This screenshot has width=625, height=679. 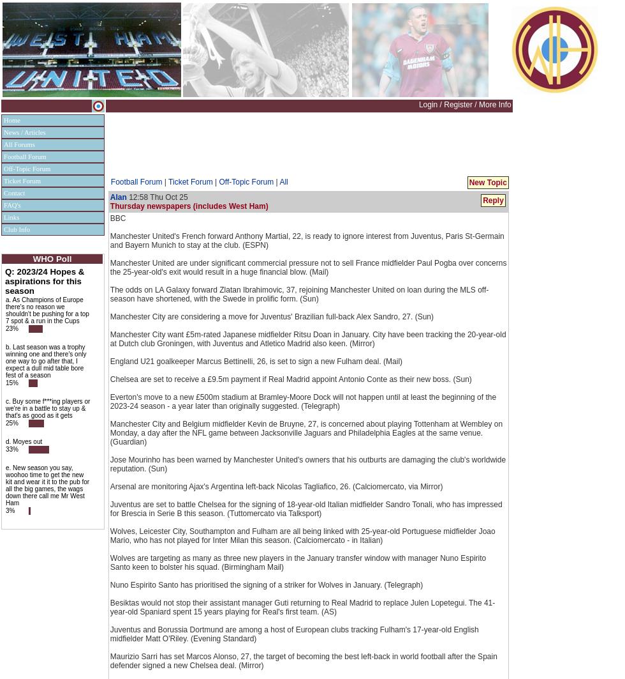 What do you see at coordinates (306, 432) in the screenshot?
I see `'Manchester City and Belgium midfielder Kevin de Bruyne, 27, is concerned about playing Tottenham at Wembley on Monday, a day after the NFL game between Jacksonville Jaguars and Philadelphia Eagles at the same venue. (Guardian)'` at bounding box center [306, 432].